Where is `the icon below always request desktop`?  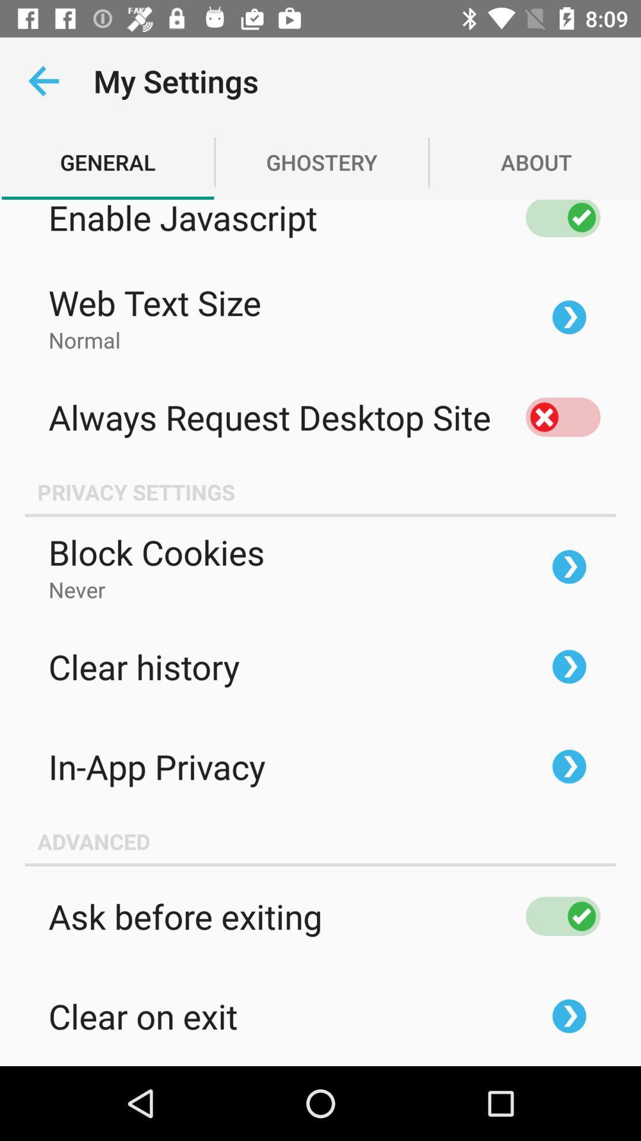
the icon below always request desktop is located at coordinates (320, 492).